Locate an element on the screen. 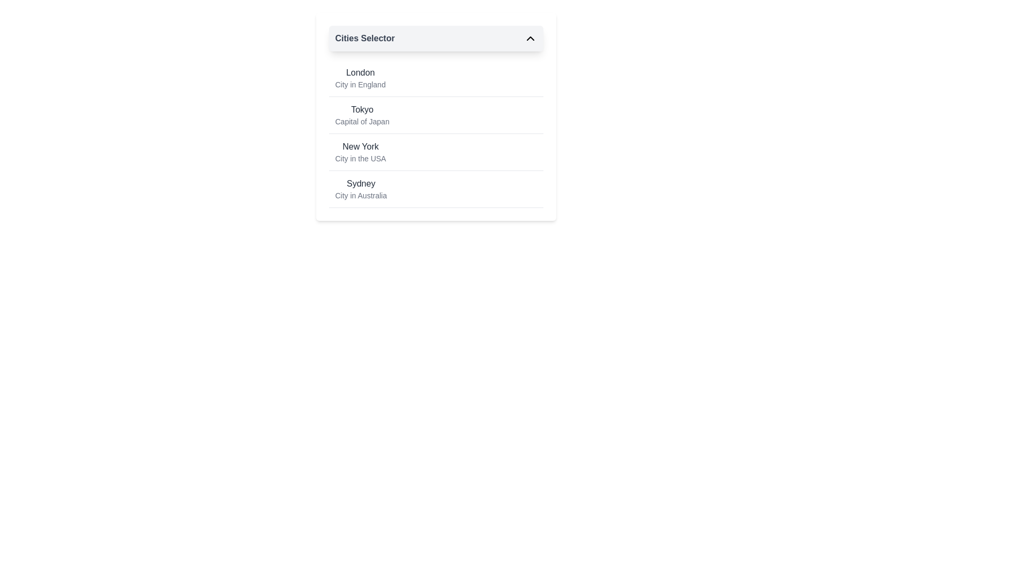 The height and width of the screenshot is (579, 1029). the text label representing the city 'London' is located at coordinates (360, 72).